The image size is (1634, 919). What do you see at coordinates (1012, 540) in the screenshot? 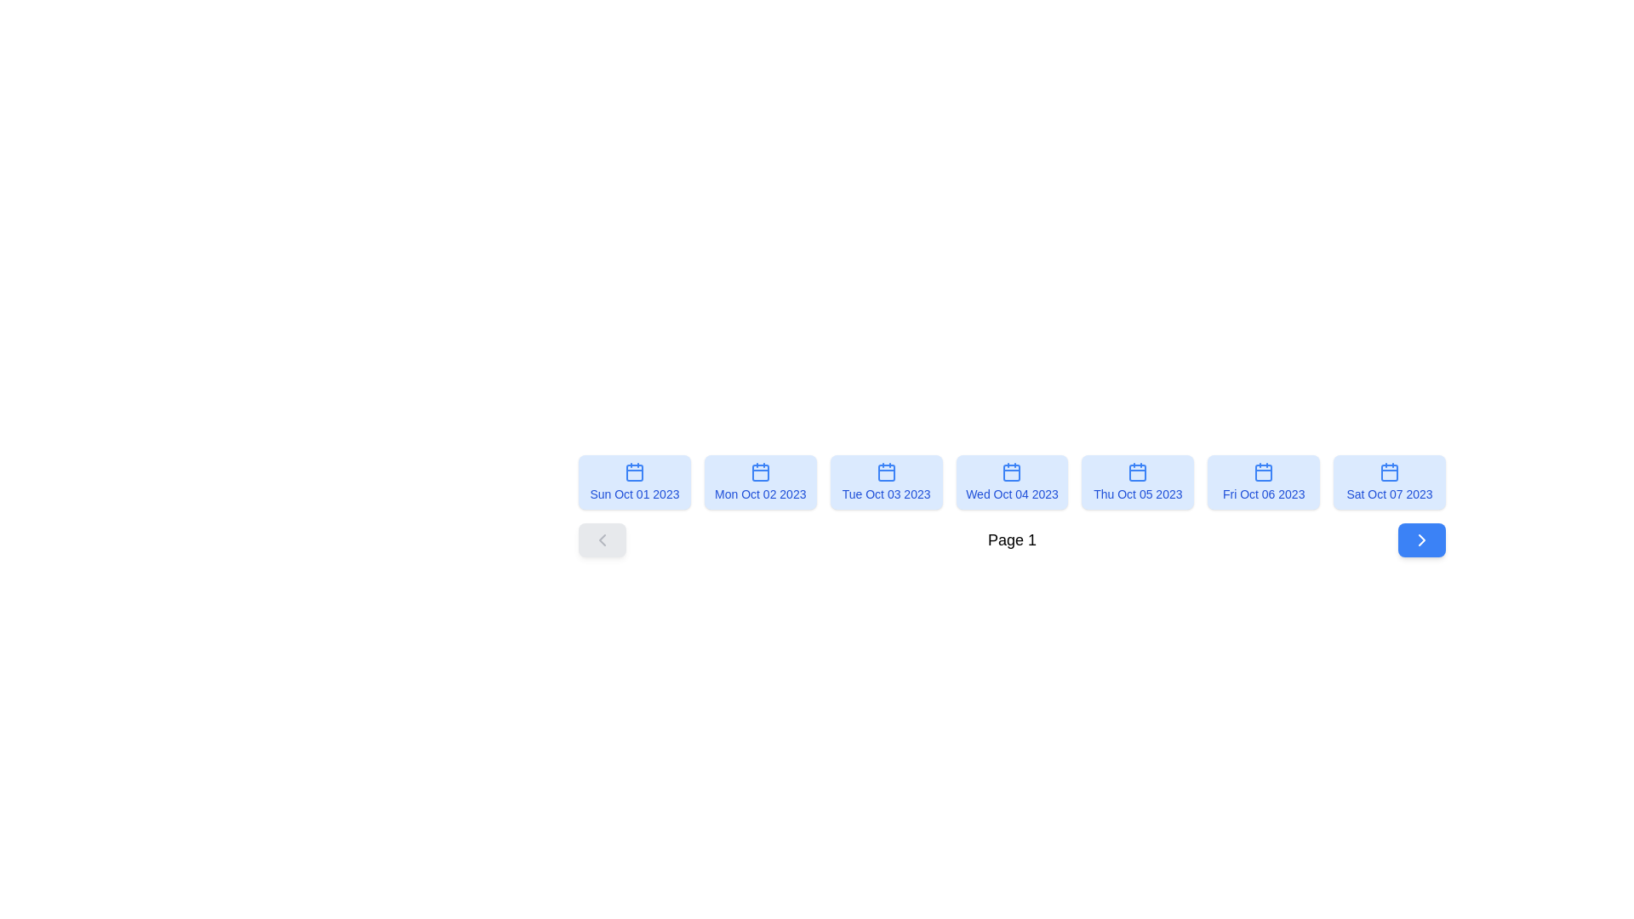
I see `text displayed in the Text Display element located centrally within the bottom navigation bar` at bounding box center [1012, 540].